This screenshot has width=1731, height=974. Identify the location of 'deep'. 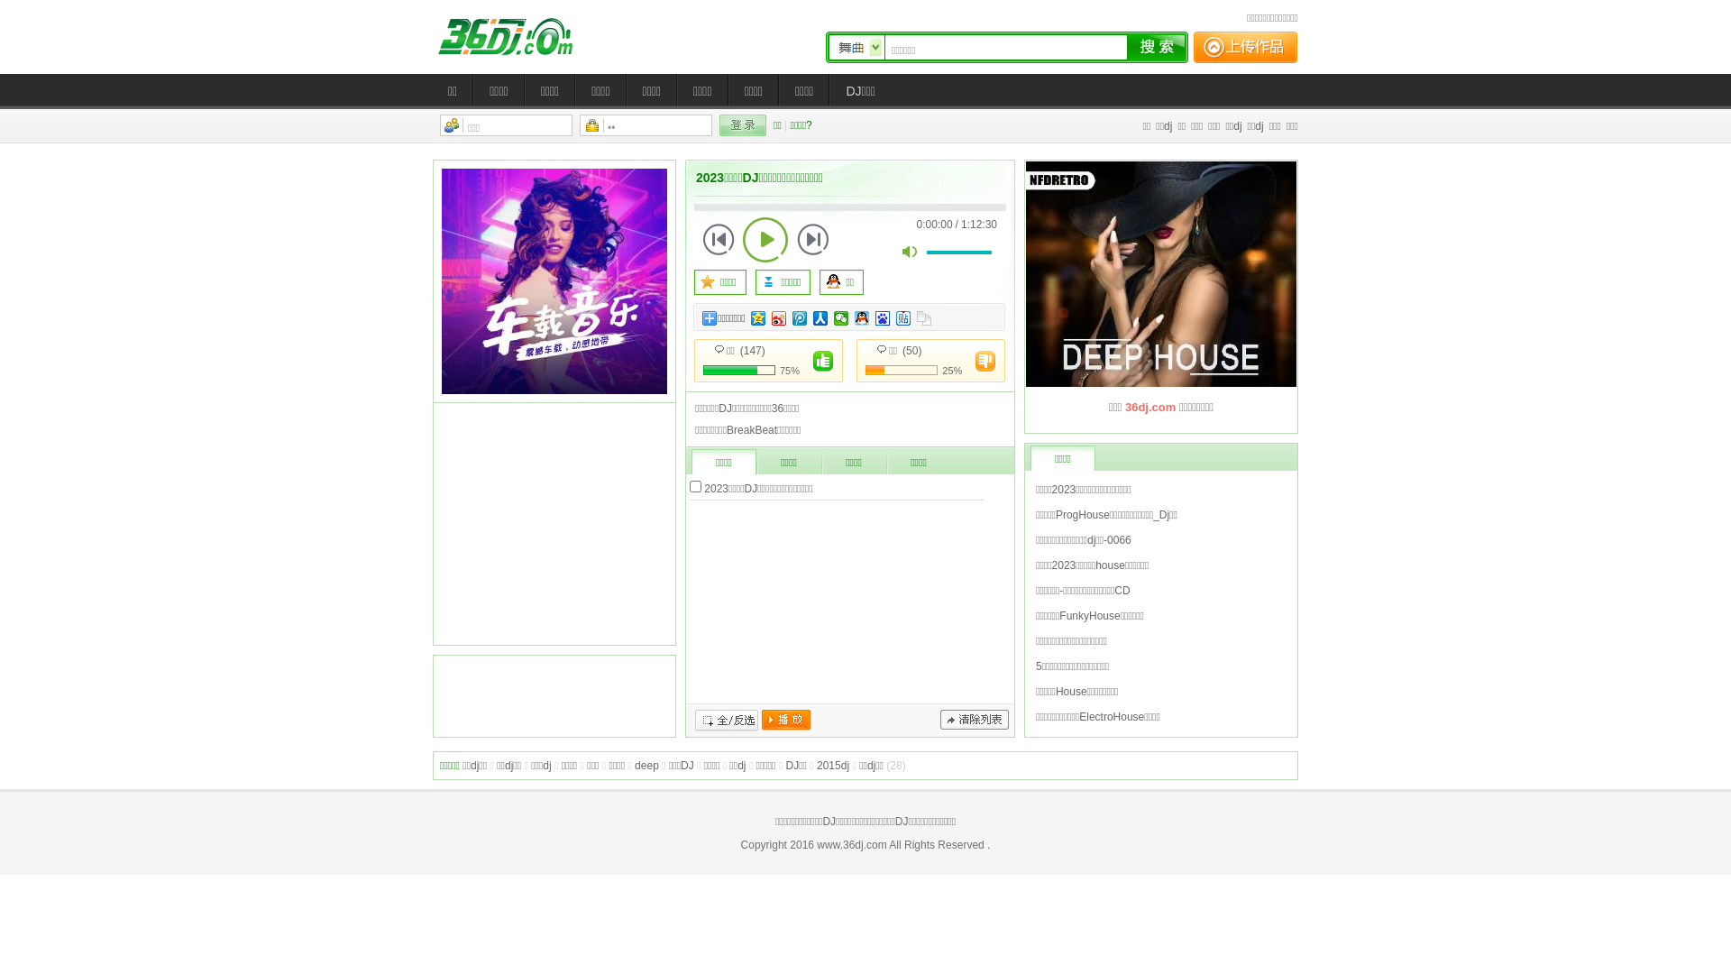
(646, 765).